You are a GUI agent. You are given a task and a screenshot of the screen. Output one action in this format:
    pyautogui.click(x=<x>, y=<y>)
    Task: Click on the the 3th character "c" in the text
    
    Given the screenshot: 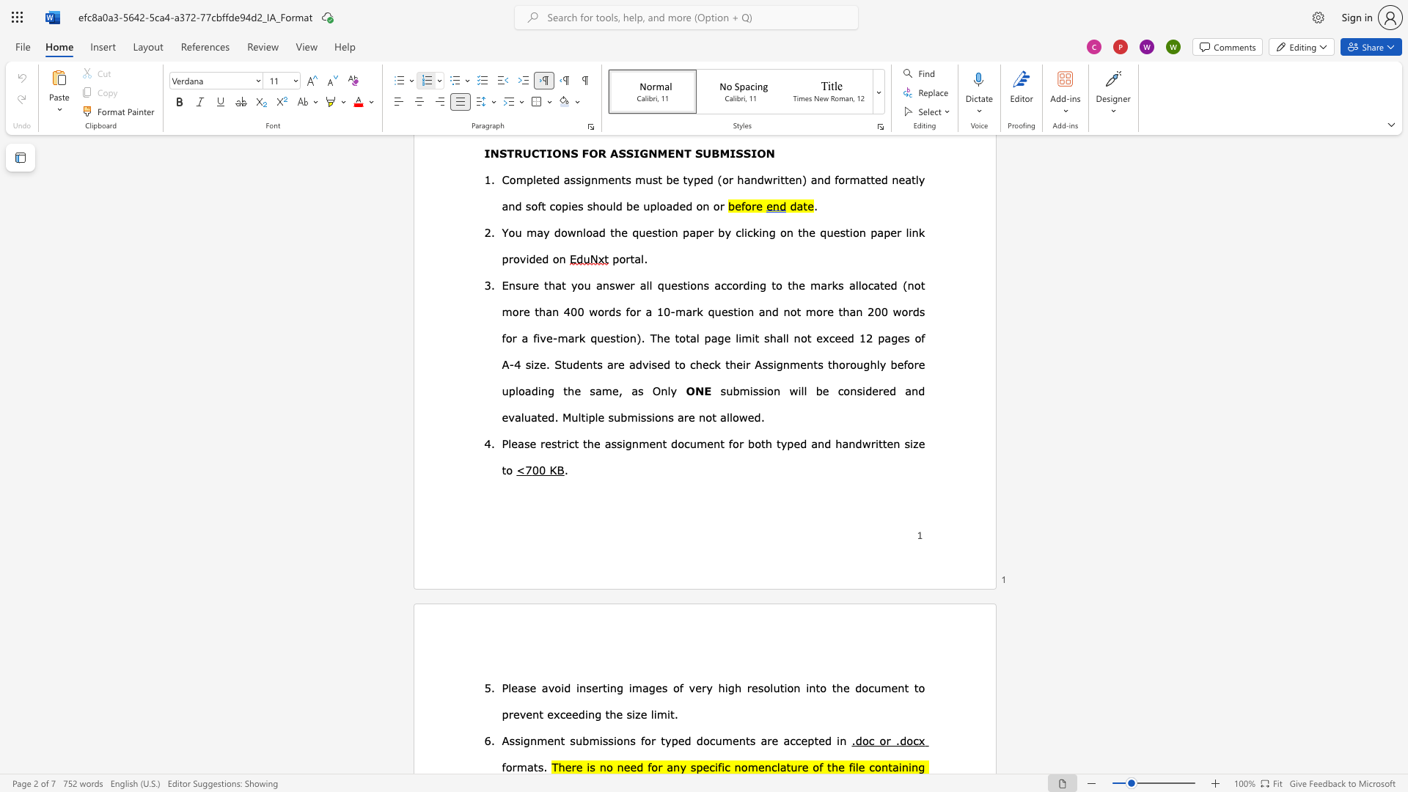 What is the action you would take?
    pyautogui.click(x=773, y=766)
    